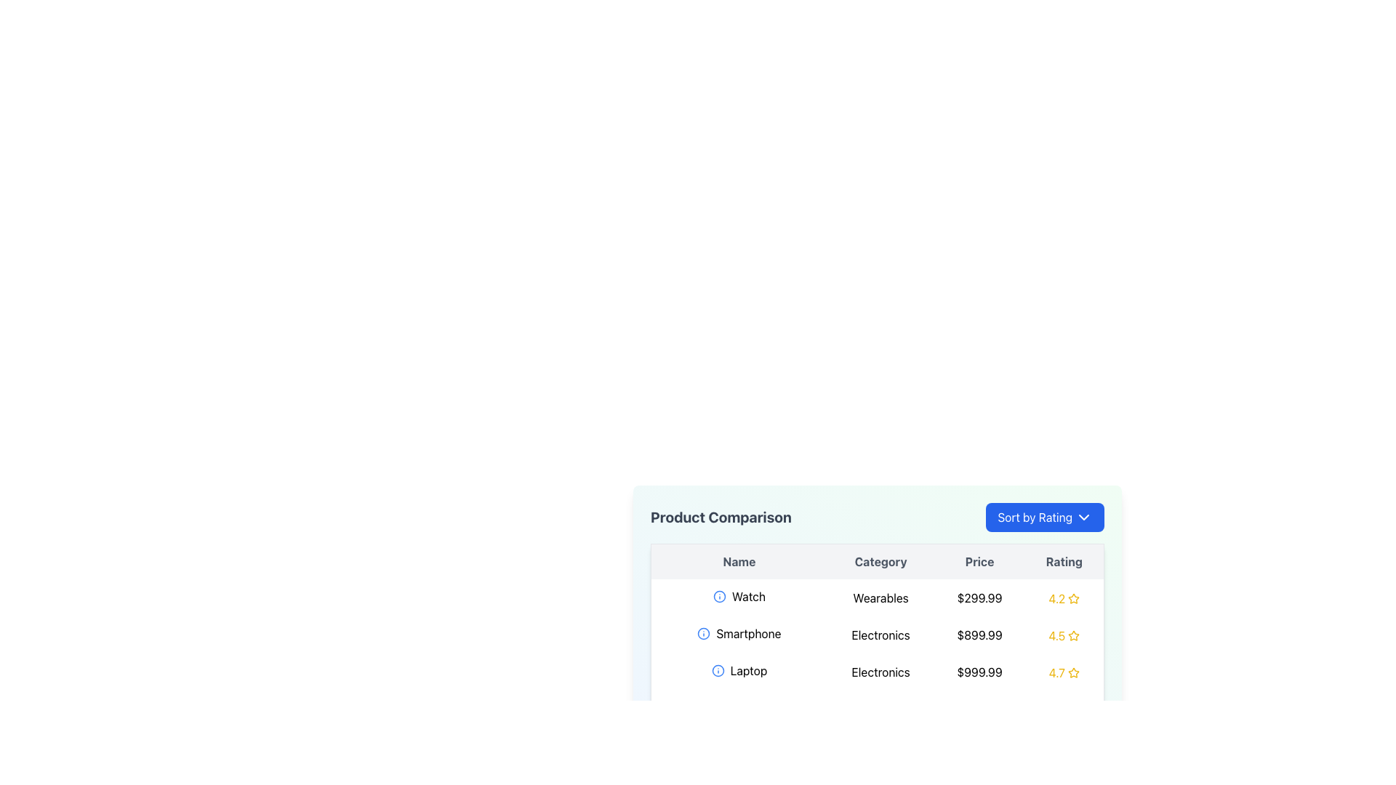 The height and width of the screenshot is (785, 1396). Describe the element at coordinates (880, 672) in the screenshot. I see `the text label displaying 'Electronics' located in the 'Category' column of the third row under 'Laptop'` at that location.